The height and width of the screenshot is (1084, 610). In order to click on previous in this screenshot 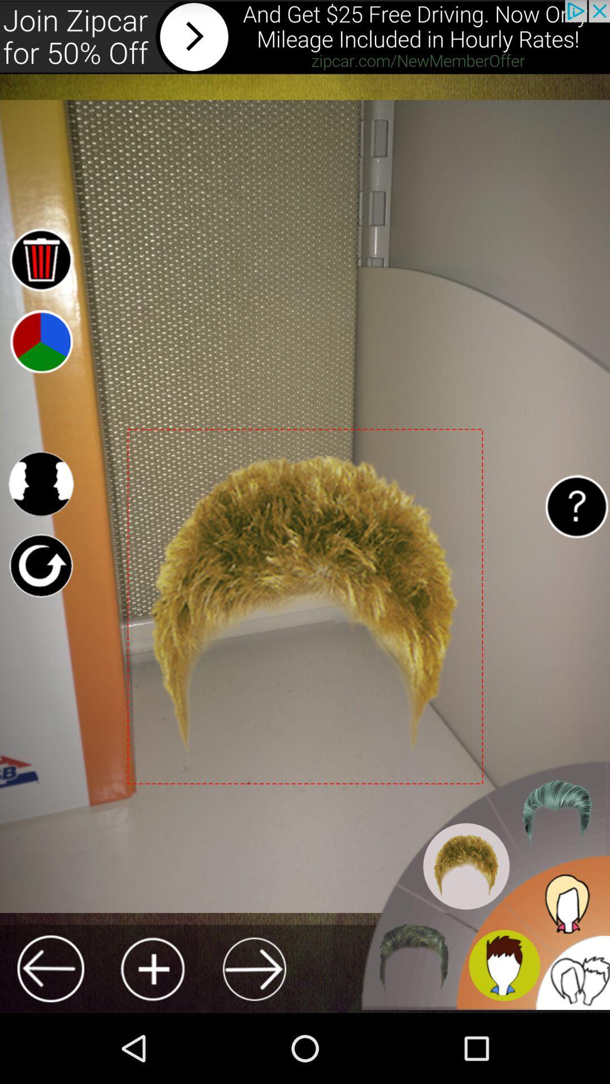, I will do `click(50, 968)`.